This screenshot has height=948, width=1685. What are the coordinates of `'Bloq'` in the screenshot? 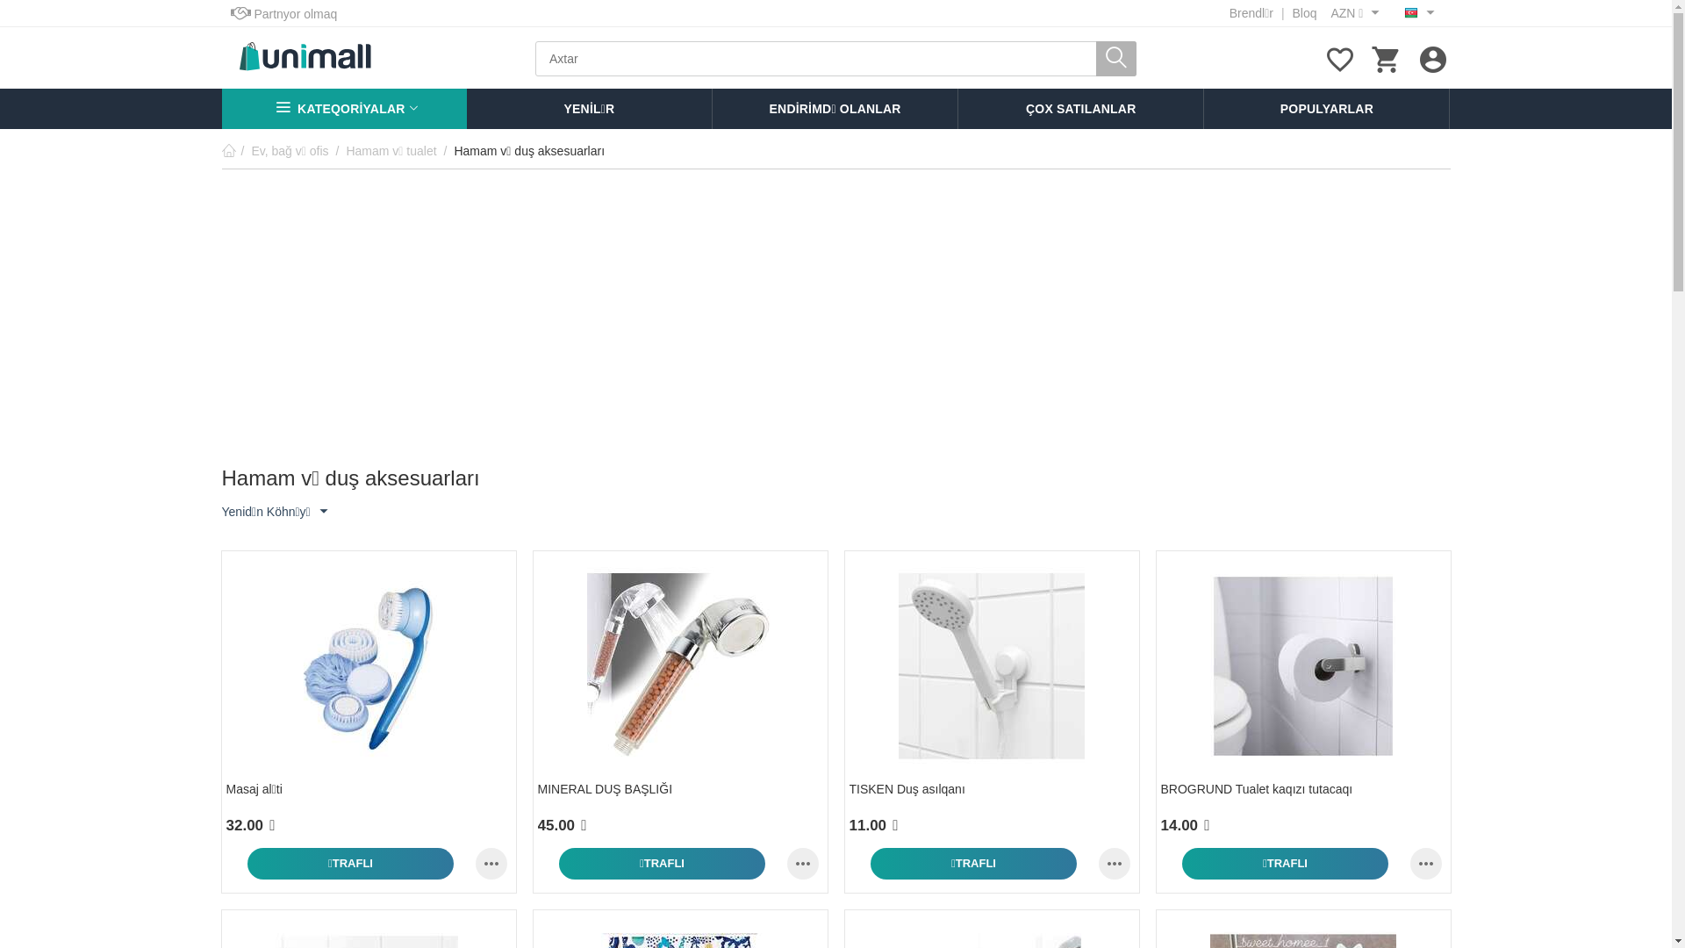 It's located at (1292, 13).